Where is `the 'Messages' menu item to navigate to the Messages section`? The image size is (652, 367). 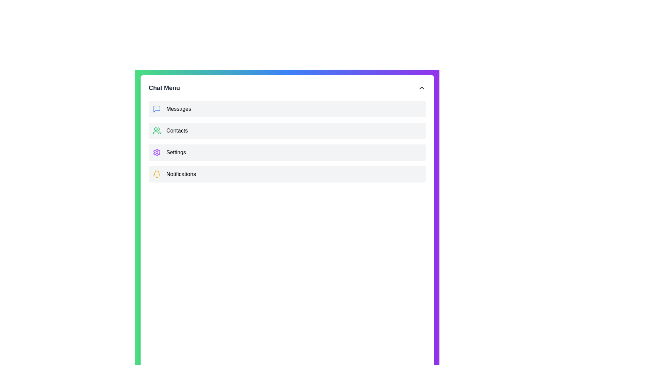
the 'Messages' menu item to navigate to the Messages section is located at coordinates (287, 108).